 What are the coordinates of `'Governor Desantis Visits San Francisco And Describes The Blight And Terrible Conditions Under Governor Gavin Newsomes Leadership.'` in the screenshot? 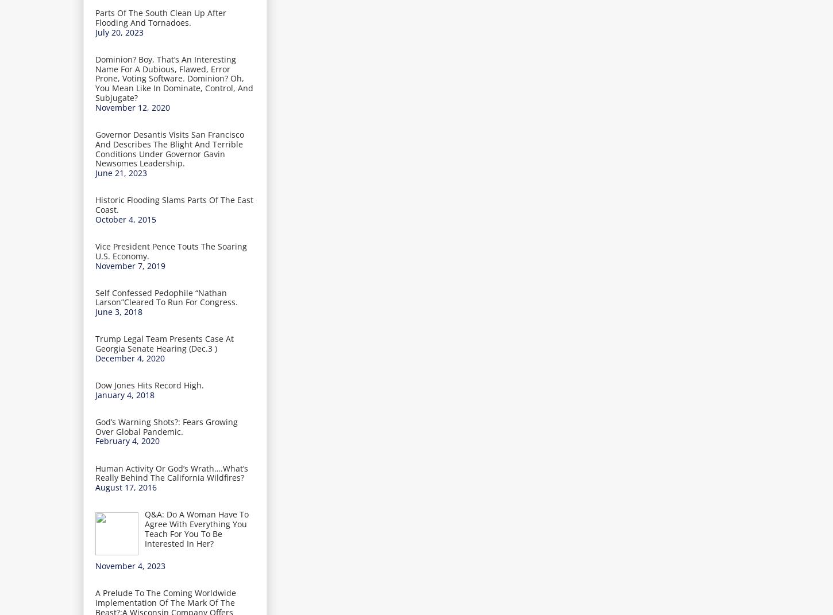 It's located at (169, 148).